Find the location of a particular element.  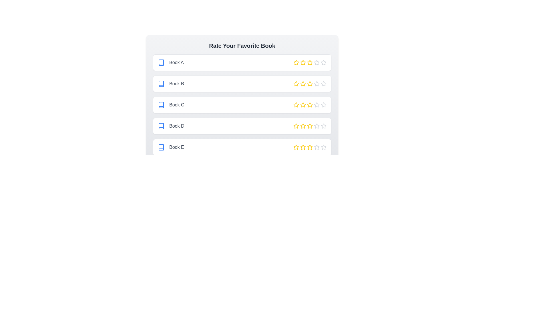

the star corresponding to 3 stars for the book titled Book E is located at coordinates (310, 147).